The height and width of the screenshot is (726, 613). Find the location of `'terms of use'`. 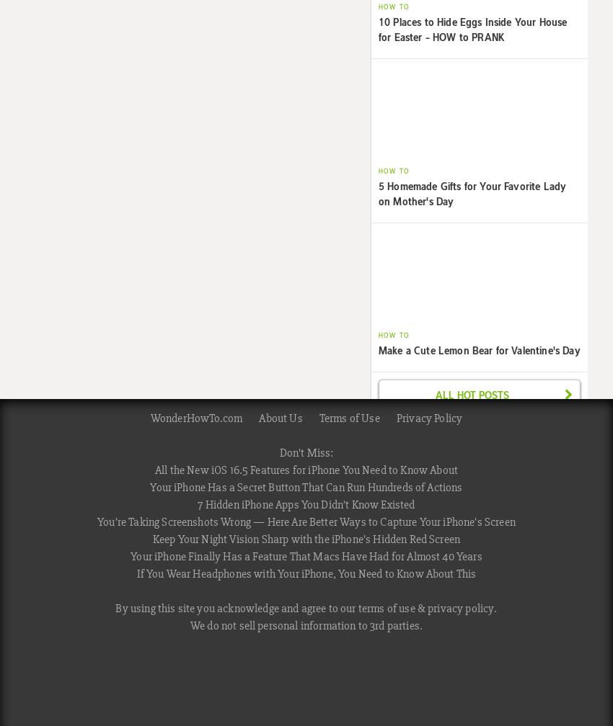

'terms of use' is located at coordinates (357, 607).